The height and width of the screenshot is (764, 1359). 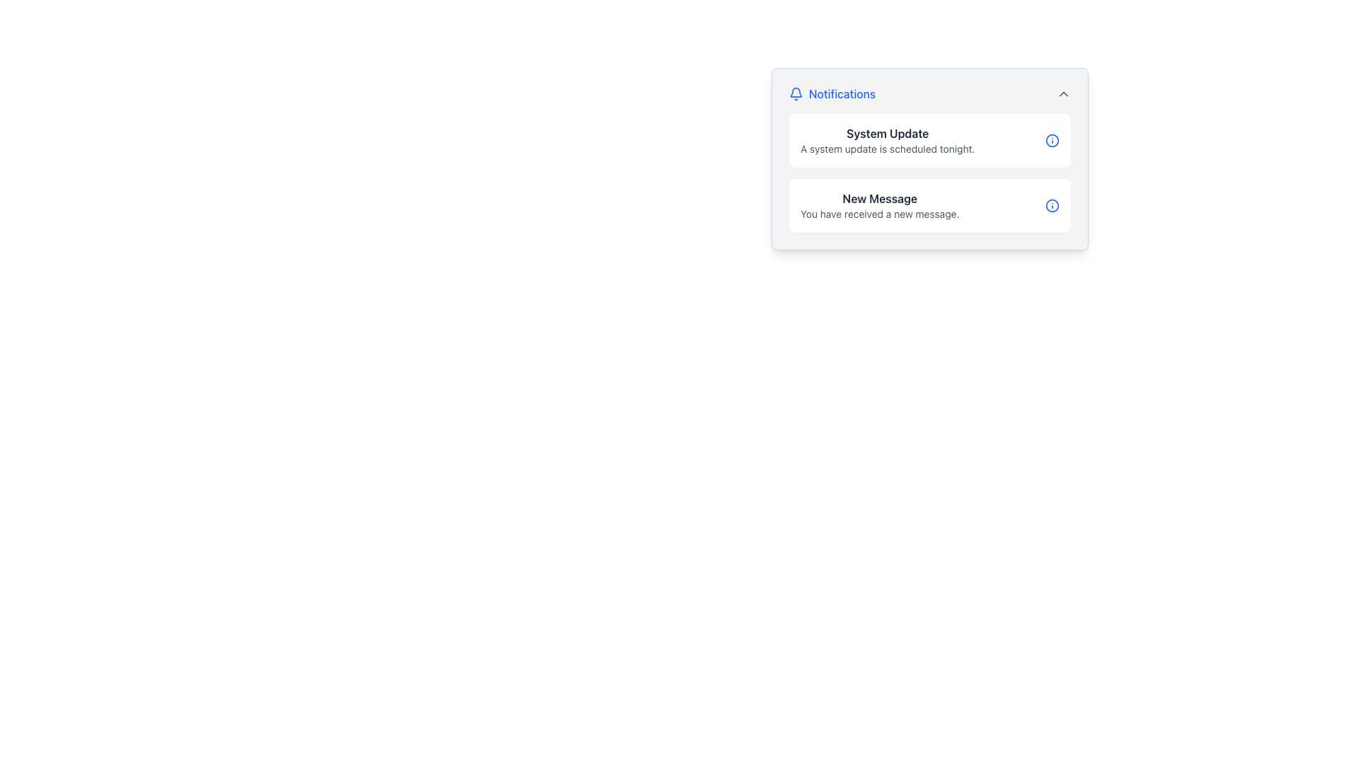 What do you see at coordinates (796, 92) in the screenshot?
I see `the decorative icon located in the top-left corner of the Notification card, next to the 'Notifications' title` at bounding box center [796, 92].